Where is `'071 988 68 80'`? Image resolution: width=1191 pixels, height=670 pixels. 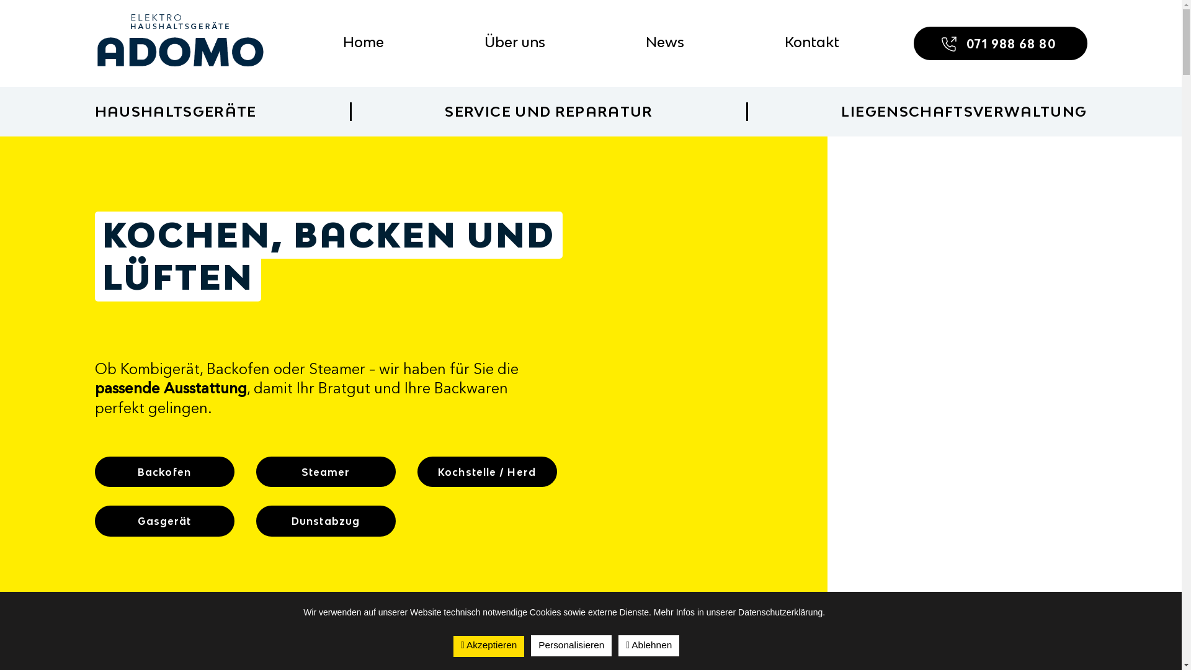 '071 988 68 80' is located at coordinates (1000, 42).